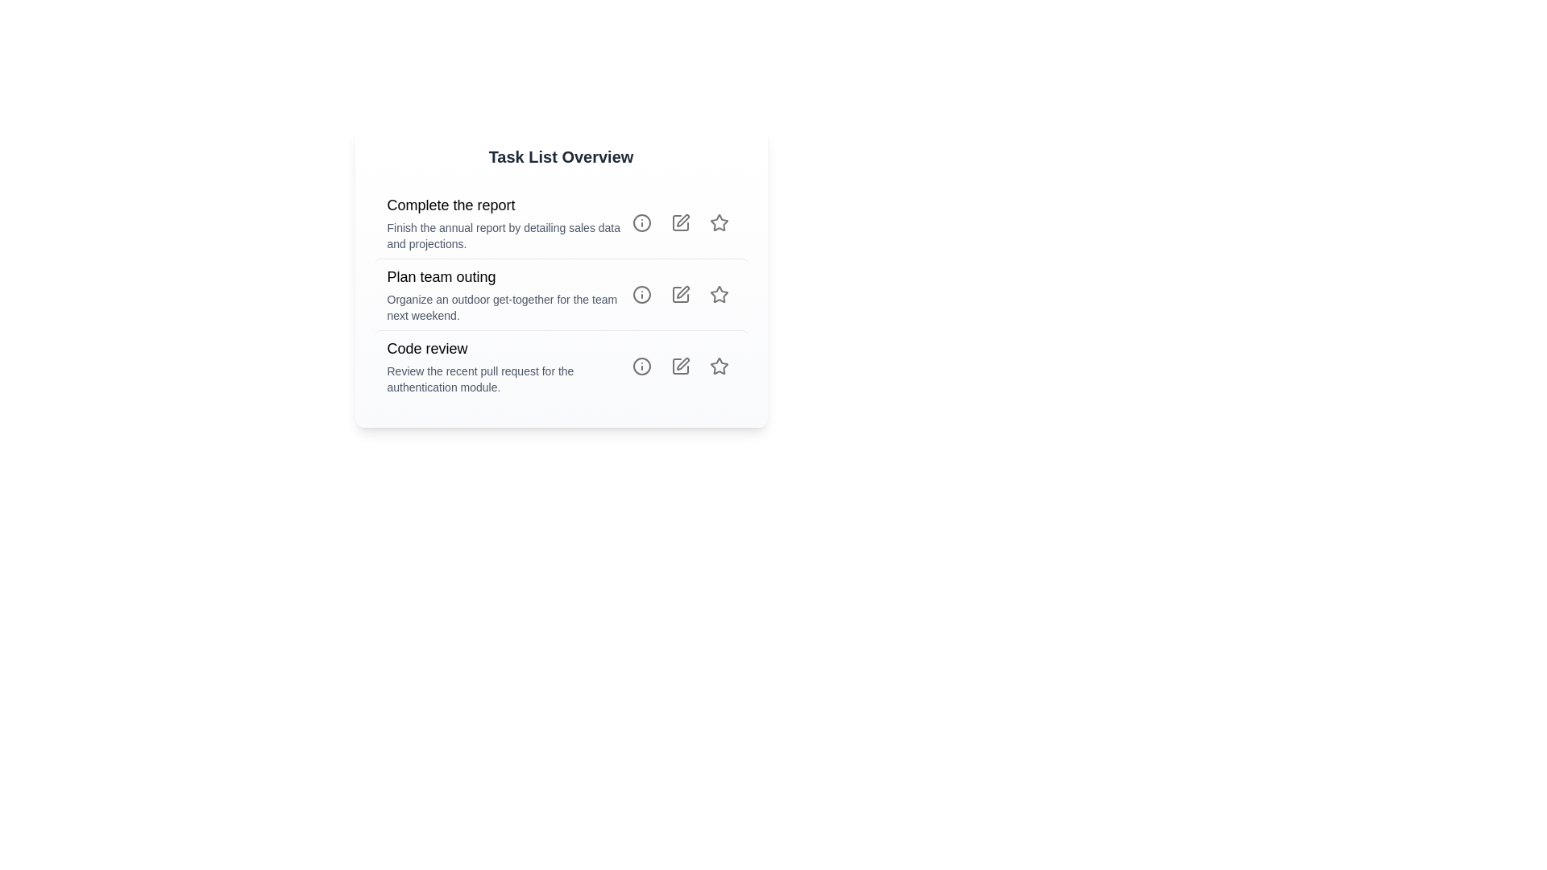 The image size is (1547, 870). What do you see at coordinates (641, 367) in the screenshot?
I see `the outer circular component of the info icon located to the right of the 'Code review' task description in the task list interface` at bounding box center [641, 367].